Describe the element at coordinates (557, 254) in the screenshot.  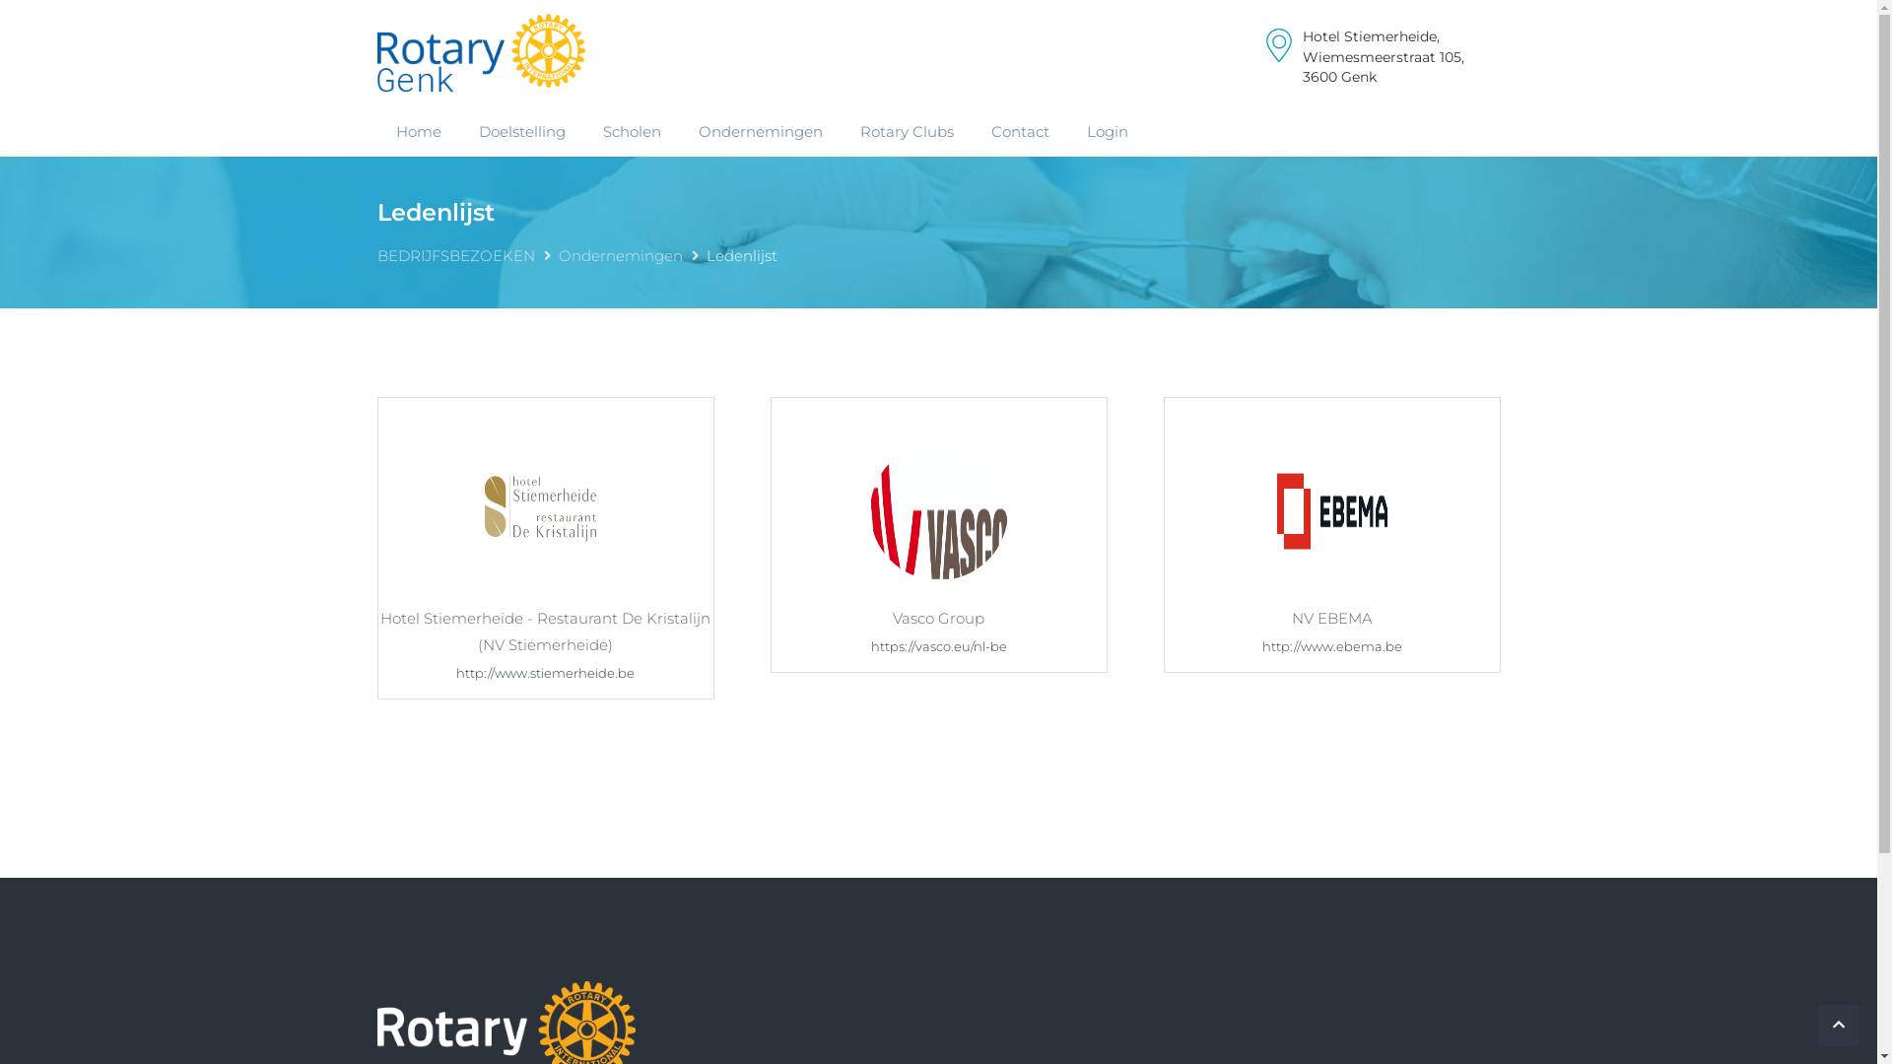
I see `'Ondernemingen'` at that location.